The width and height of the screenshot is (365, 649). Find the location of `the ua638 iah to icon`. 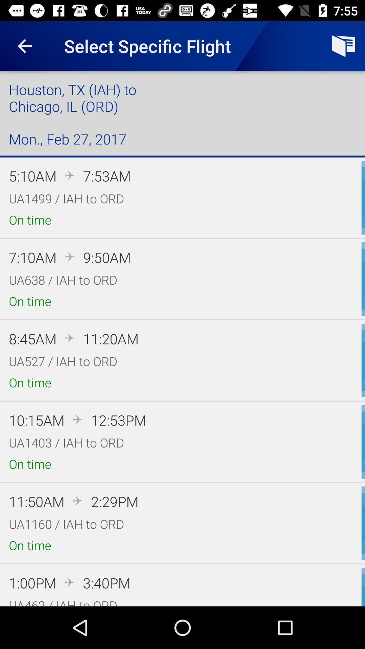

the ua638 iah to icon is located at coordinates (63, 280).